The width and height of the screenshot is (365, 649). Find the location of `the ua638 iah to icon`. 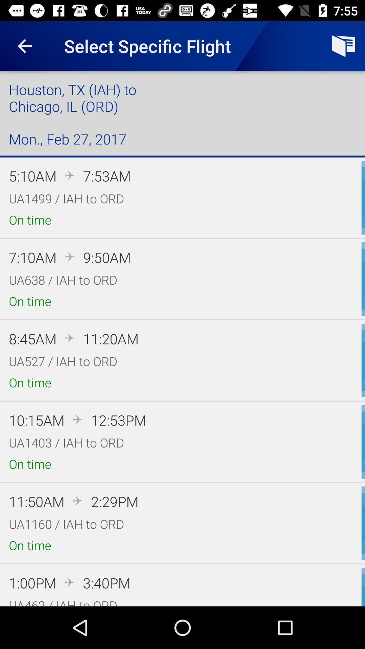

the ua638 iah to icon is located at coordinates (63, 280).